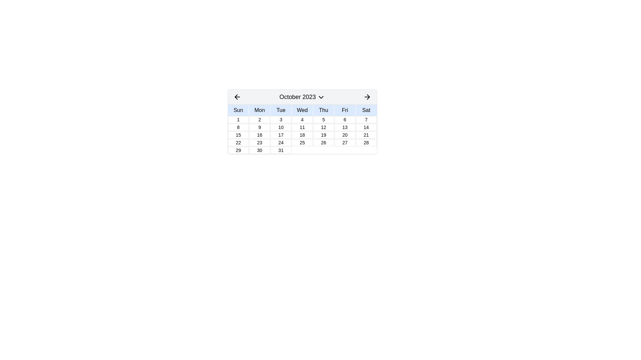  Describe the element at coordinates (238, 142) in the screenshot. I see `the square-shaped calendar day cell with a white background containing the text '22'` at that location.